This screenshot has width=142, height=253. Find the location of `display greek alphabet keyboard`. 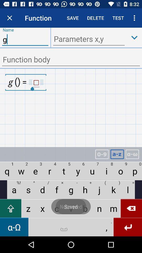

display greek alphabet keyboard is located at coordinates (132, 154).